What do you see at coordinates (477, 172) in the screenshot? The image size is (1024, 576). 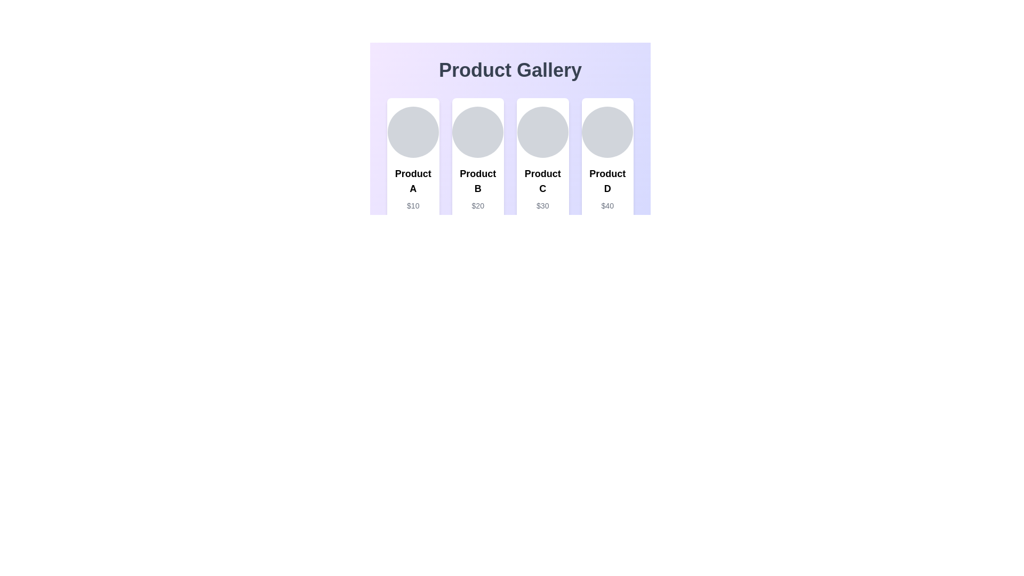 I see `the second card from the left in the horizontally aligned grid, which displays the product information for 'Product B' with a price of '$20'` at bounding box center [477, 172].